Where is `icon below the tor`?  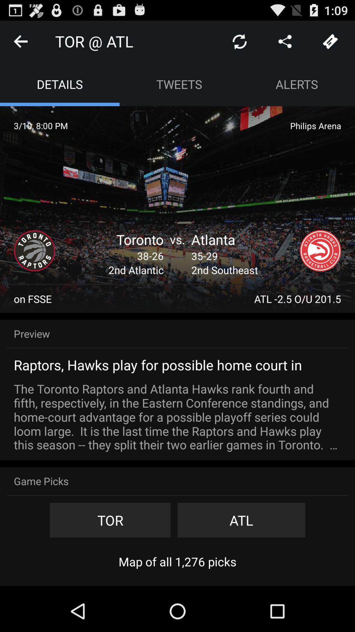
icon below the tor is located at coordinates (177, 561).